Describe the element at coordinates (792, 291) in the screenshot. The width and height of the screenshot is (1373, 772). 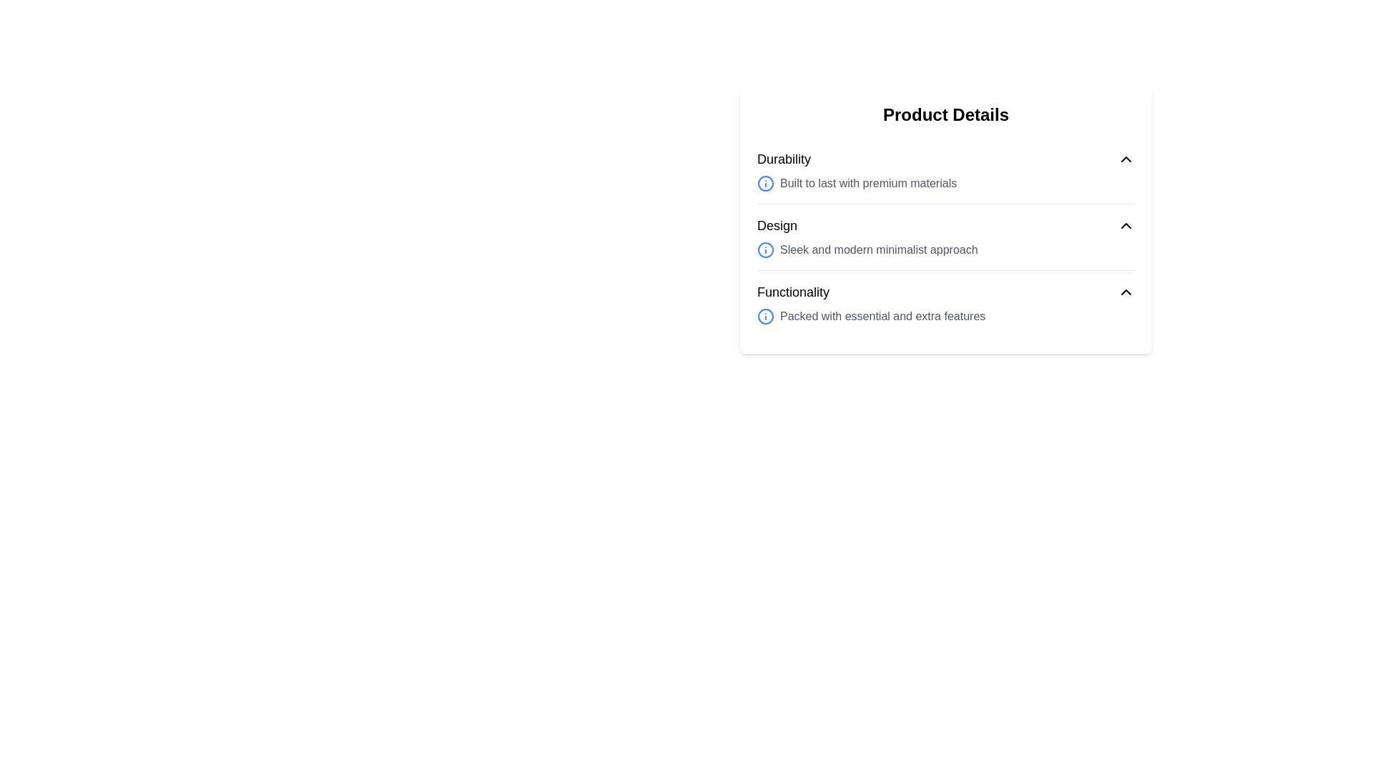
I see `the left-aligned header text label, which is the third section header below 'Durability' and 'Design'` at that location.